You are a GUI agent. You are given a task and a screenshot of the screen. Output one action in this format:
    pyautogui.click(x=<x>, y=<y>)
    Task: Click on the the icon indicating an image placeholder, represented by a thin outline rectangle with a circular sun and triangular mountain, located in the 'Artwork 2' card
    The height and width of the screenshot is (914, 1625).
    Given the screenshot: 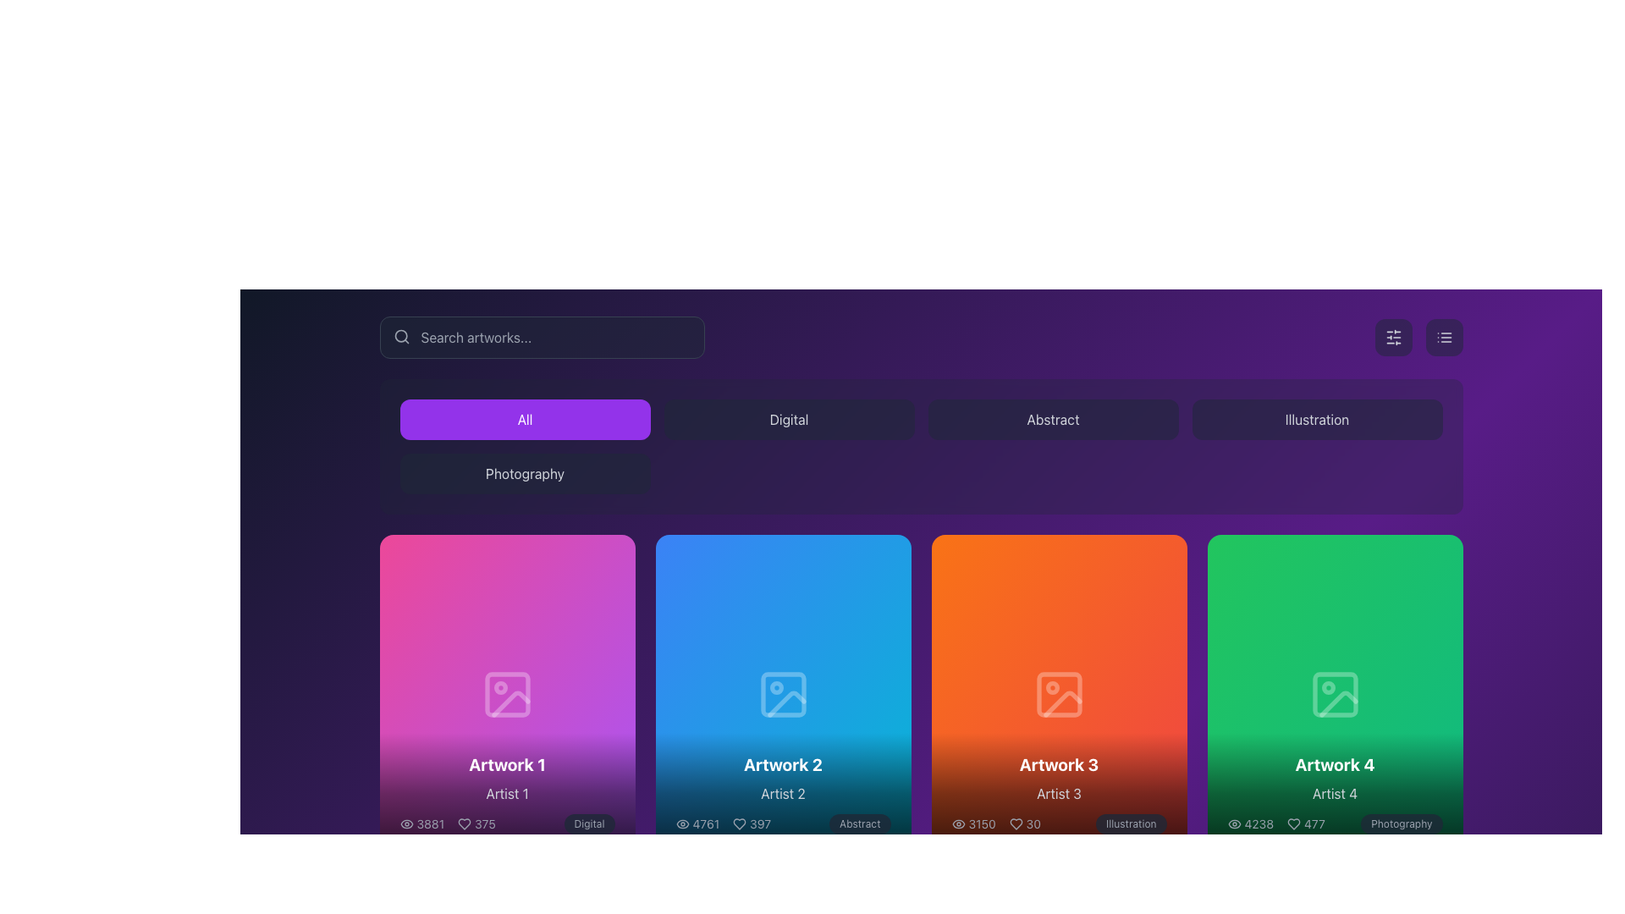 What is the action you would take?
    pyautogui.click(x=782, y=694)
    